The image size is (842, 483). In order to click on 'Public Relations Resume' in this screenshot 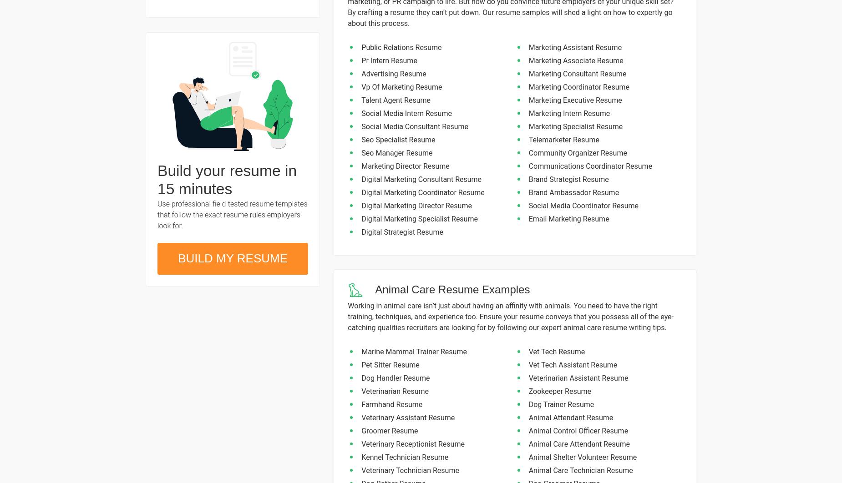, I will do `click(401, 47)`.